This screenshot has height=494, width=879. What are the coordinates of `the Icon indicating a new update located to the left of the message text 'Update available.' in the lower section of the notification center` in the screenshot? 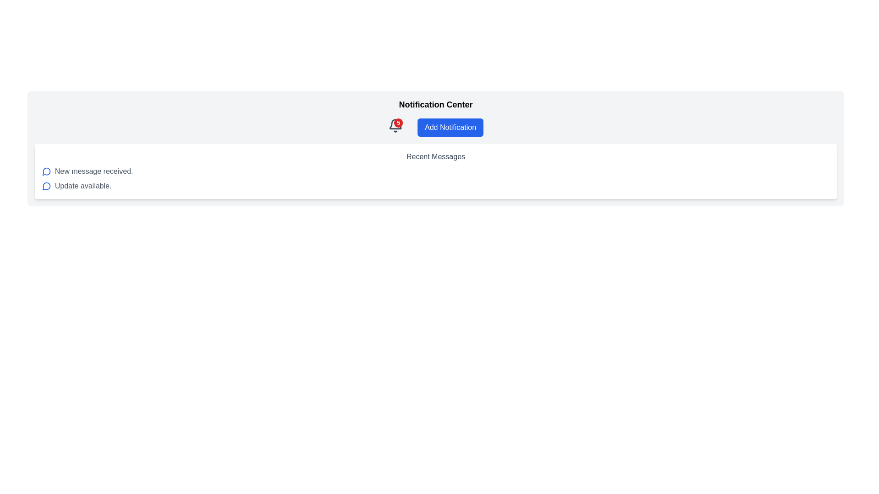 It's located at (46, 186).